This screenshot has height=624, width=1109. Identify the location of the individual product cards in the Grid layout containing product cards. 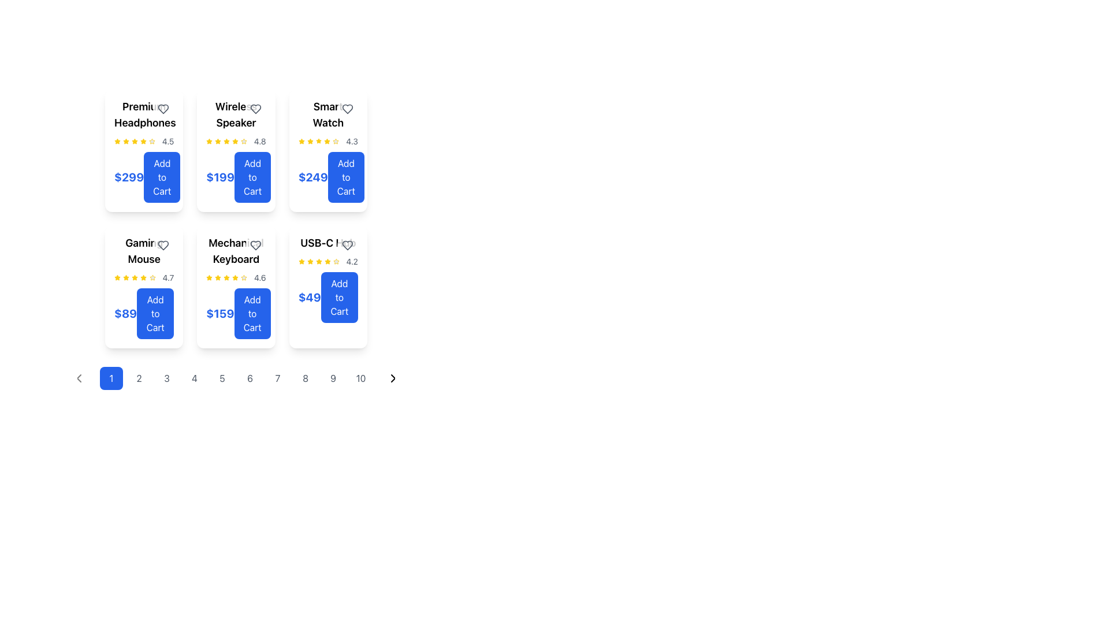
(235, 218).